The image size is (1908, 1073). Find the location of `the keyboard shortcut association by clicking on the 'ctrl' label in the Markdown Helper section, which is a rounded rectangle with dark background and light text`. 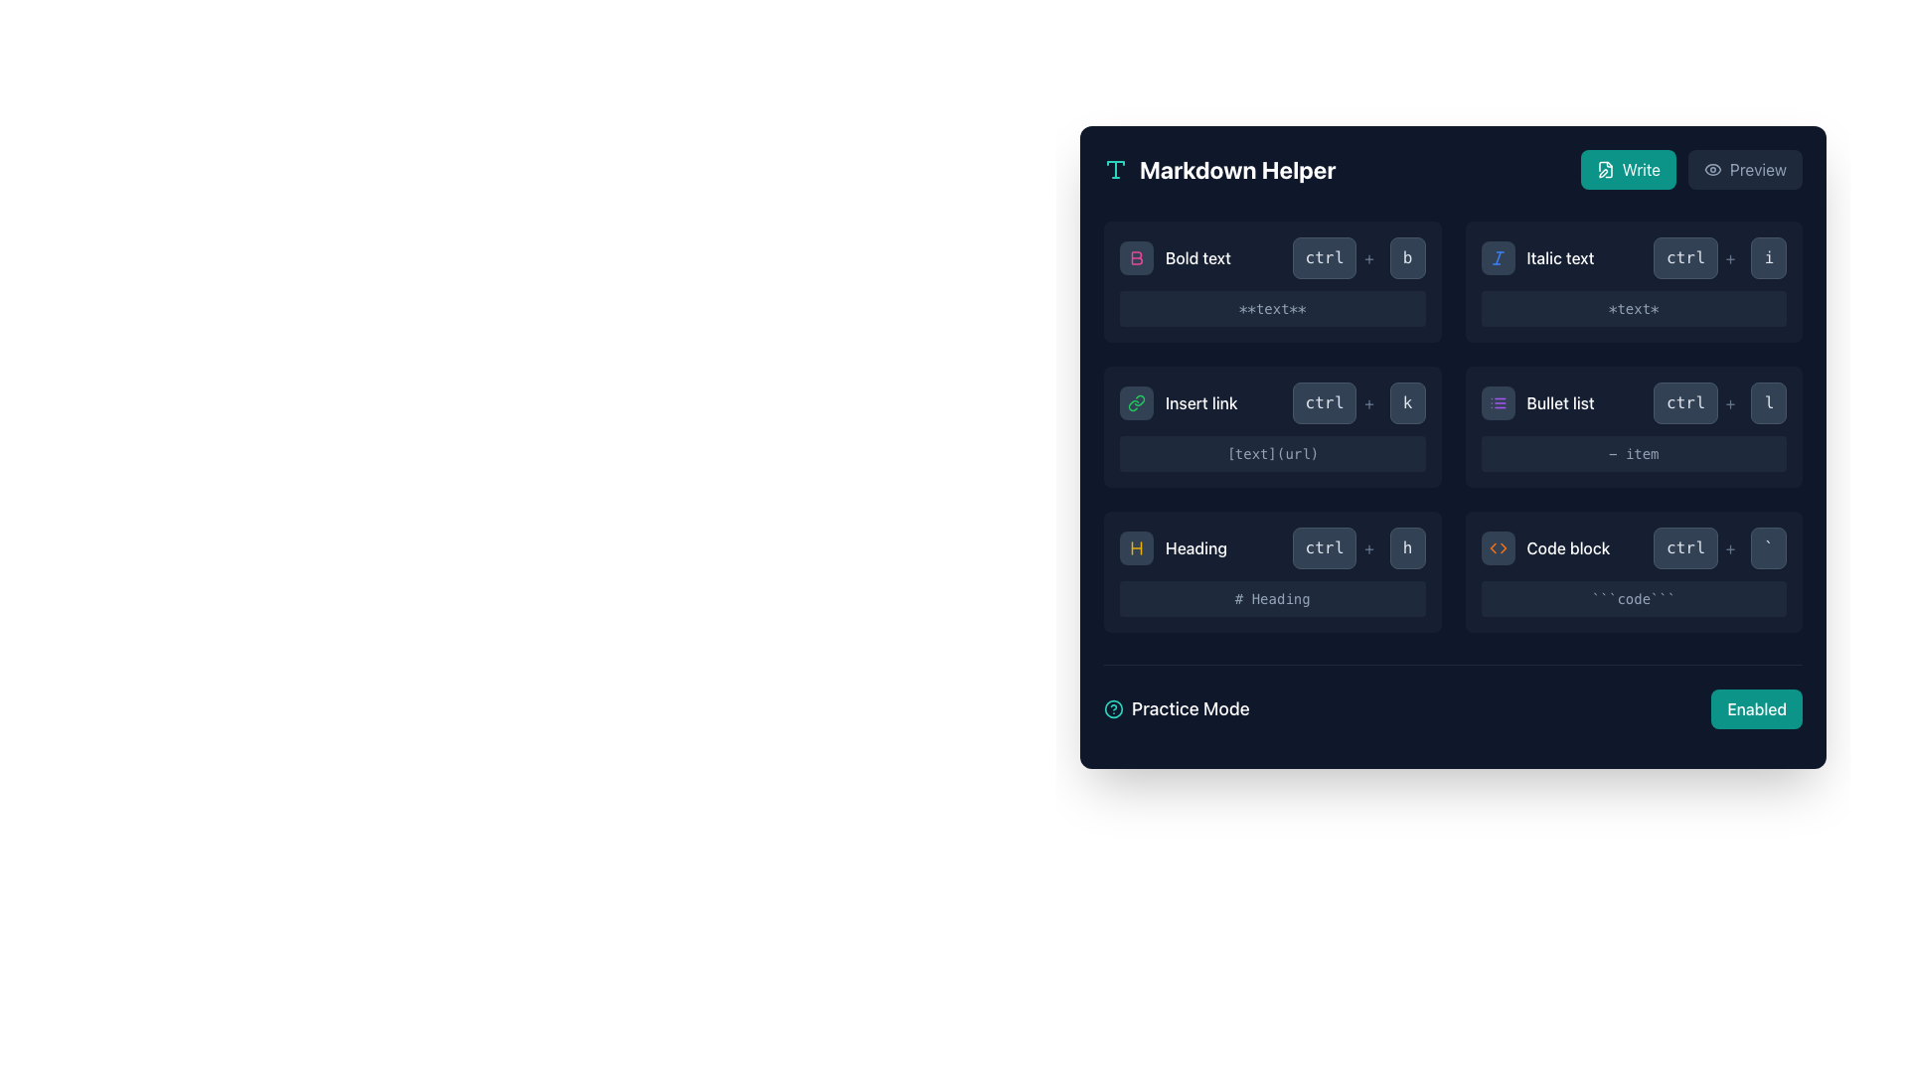

the keyboard shortcut association by clicking on the 'ctrl' label in the Markdown Helper section, which is a rounded rectangle with dark background and light text is located at coordinates (1337, 547).